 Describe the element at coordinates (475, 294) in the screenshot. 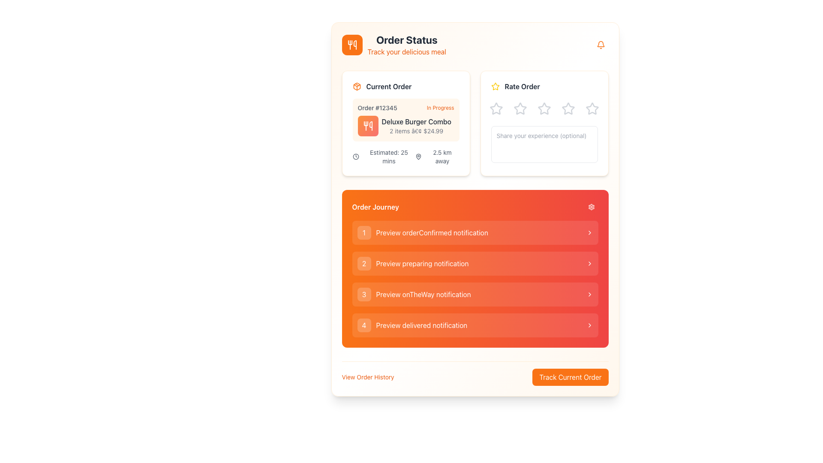

I see `the third button in the vertical list of buttons located in the 'Order Journey' section` at that location.